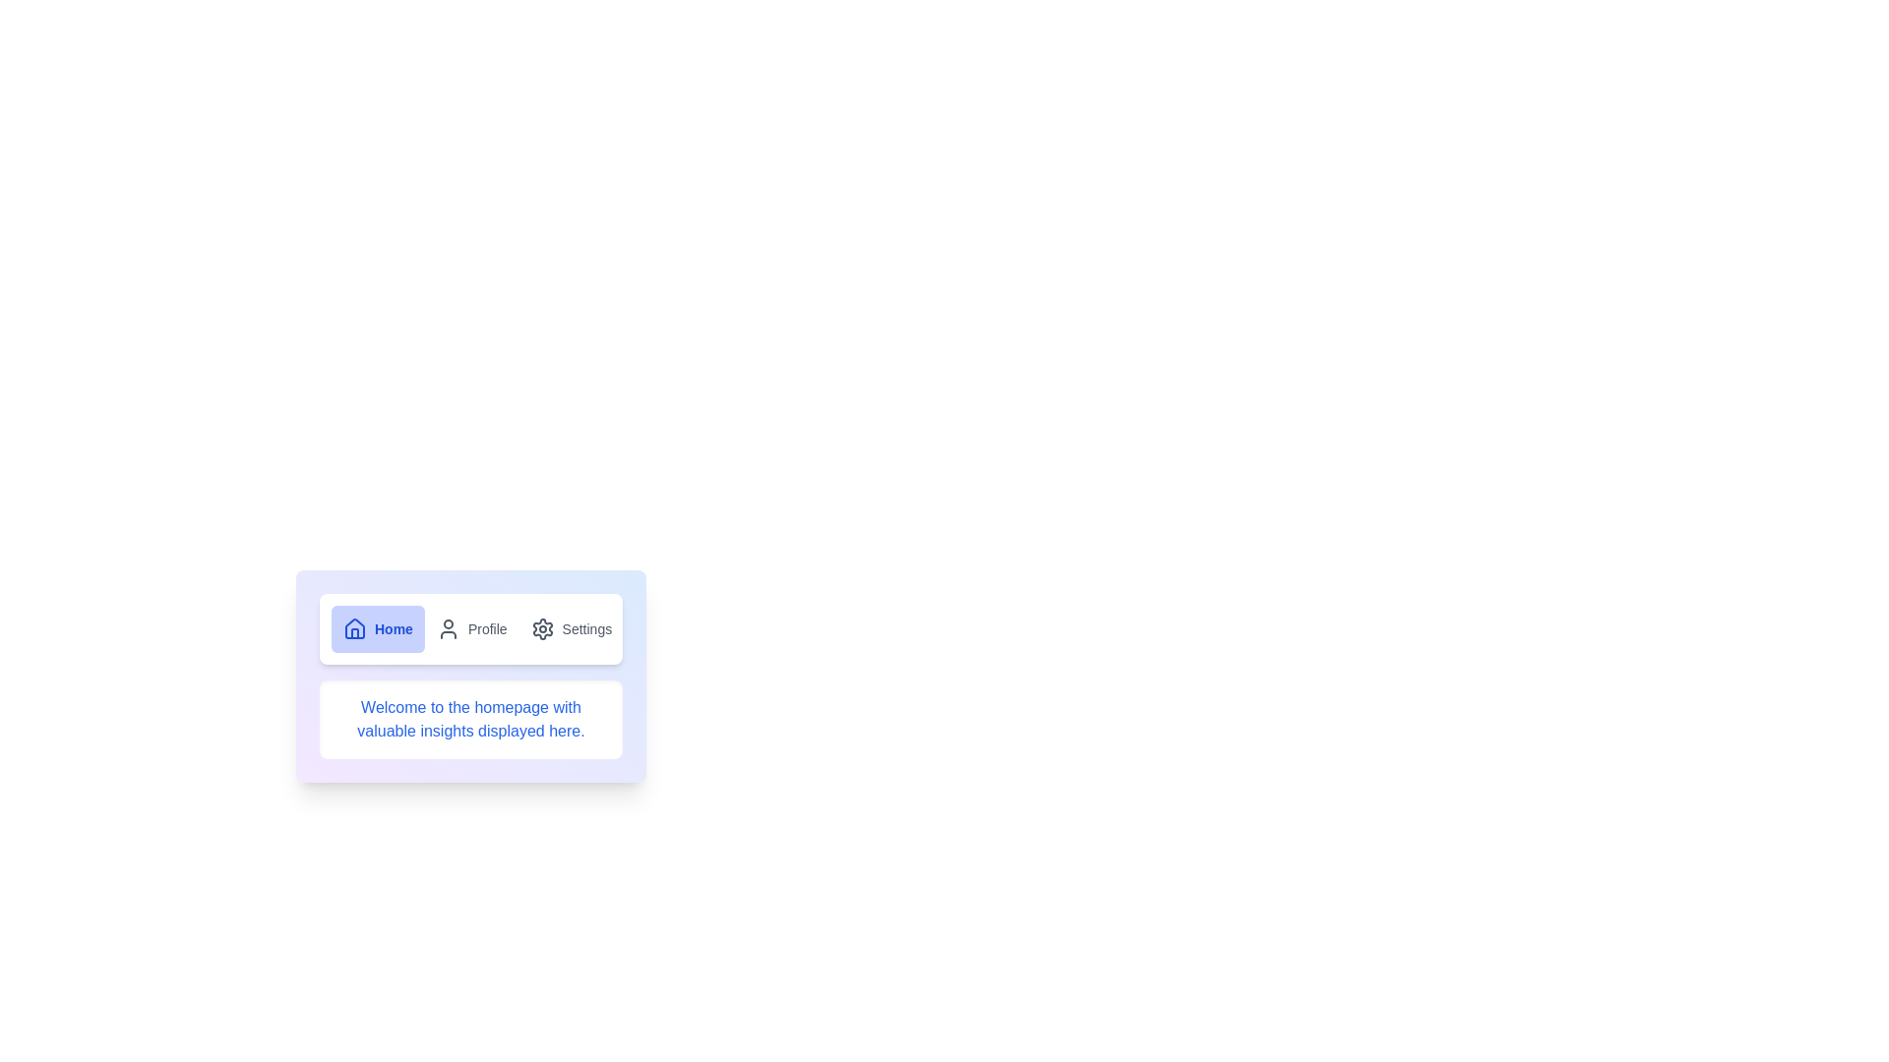  I want to click on the icon of the Home tab, so click(354, 629).